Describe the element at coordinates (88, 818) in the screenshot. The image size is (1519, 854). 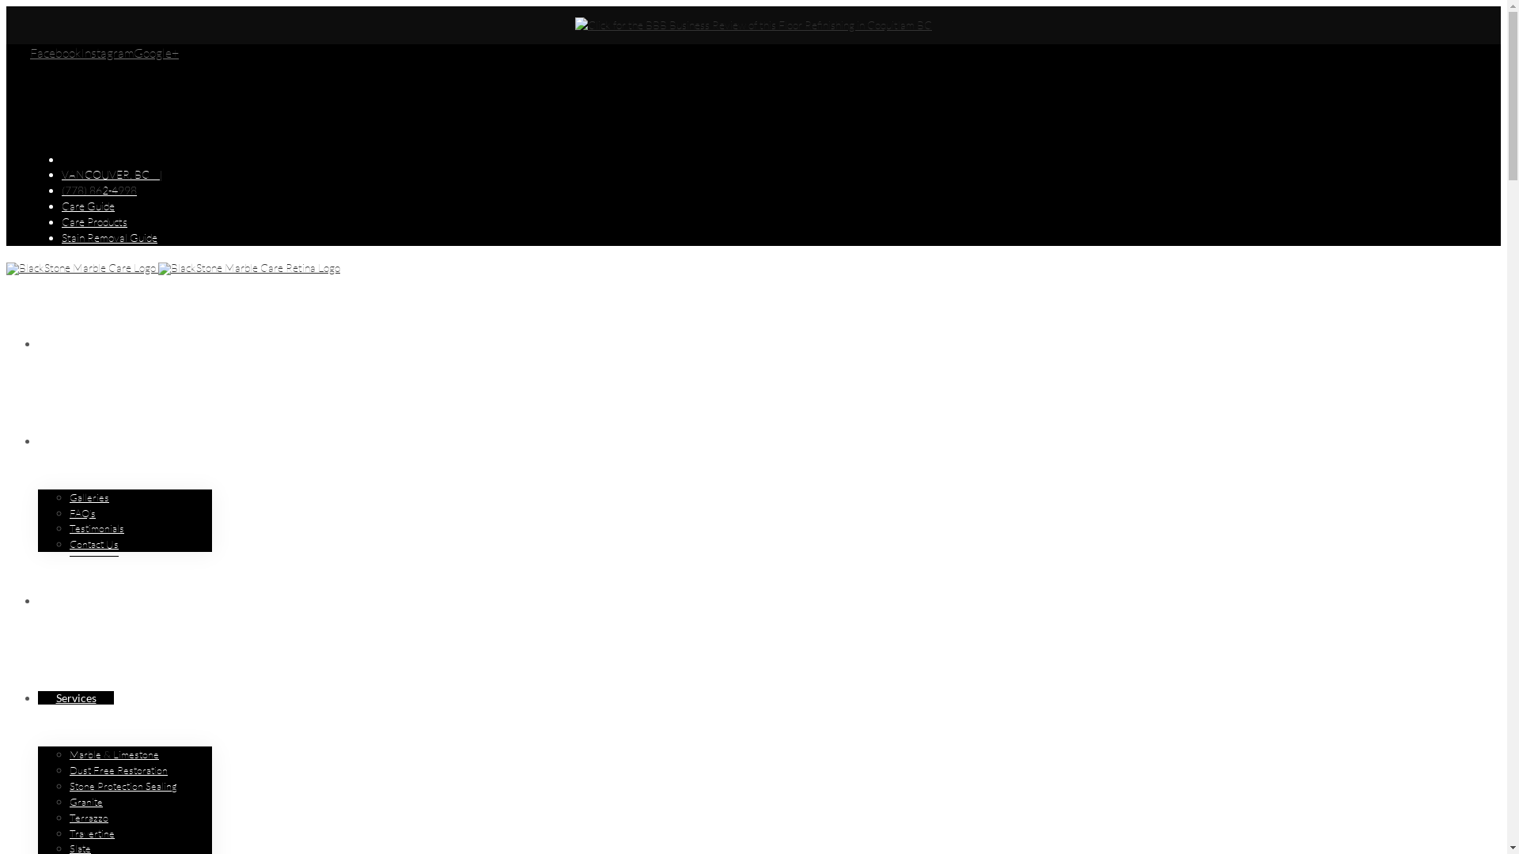
I see `'Terrazzo'` at that location.